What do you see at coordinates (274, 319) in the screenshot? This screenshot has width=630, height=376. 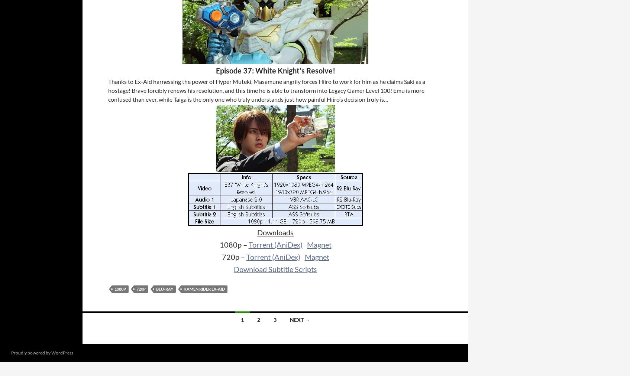 I see `'3'` at bounding box center [274, 319].